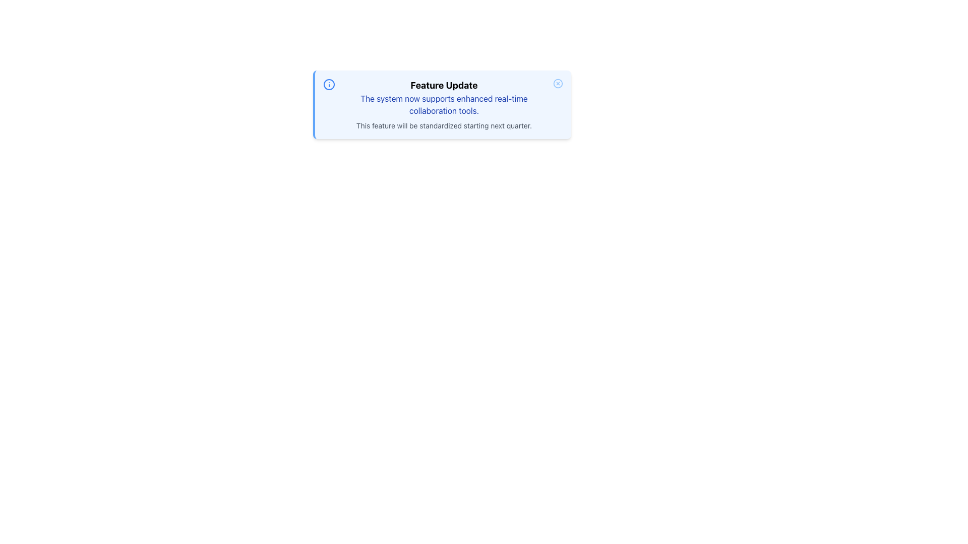 This screenshot has height=544, width=968. What do you see at coordinates (444, 85) in the screenshot?
I see `the bold, large-sized text header reading 'Feature Update' which is prominently styled in black font at the top of its section` at bounding box center [444, 85].